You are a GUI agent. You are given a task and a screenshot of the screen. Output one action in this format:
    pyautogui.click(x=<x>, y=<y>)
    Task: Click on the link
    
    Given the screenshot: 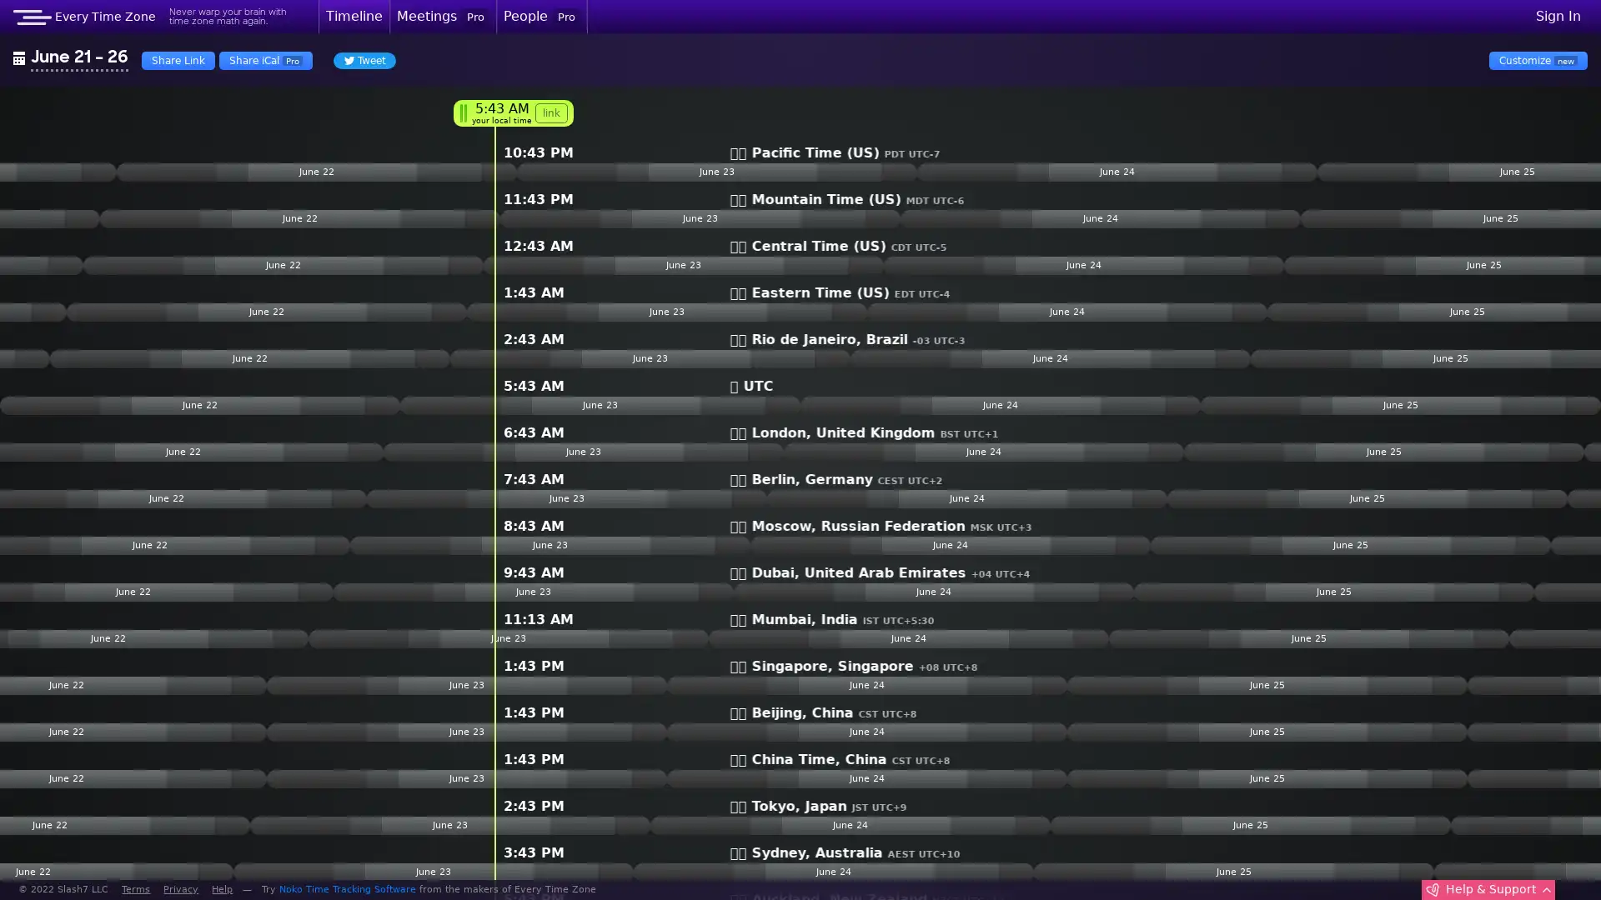 What is the action you would take?
    pyautogui.click(x=551, y=112)
    